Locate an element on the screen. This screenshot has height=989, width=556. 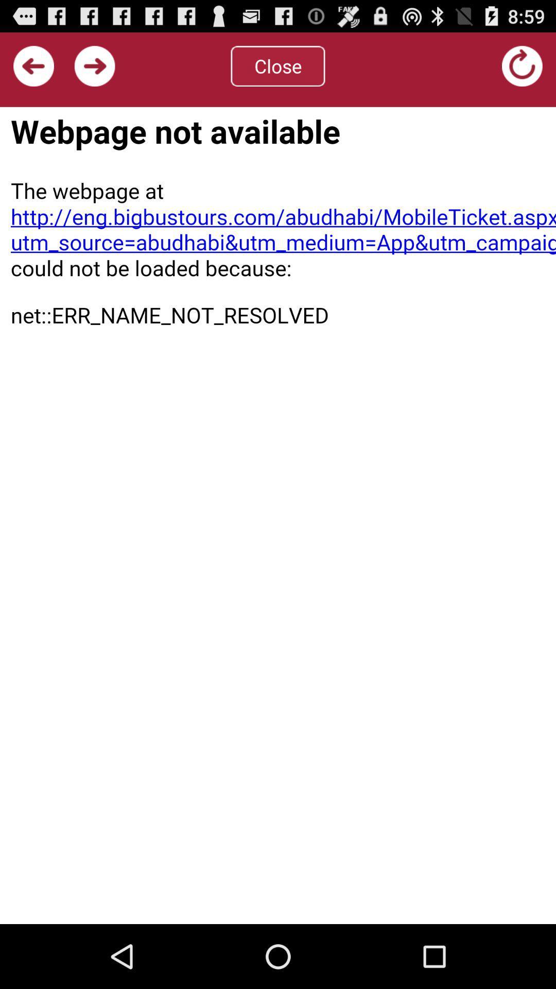
repeat is located at coordinates (522, 65).